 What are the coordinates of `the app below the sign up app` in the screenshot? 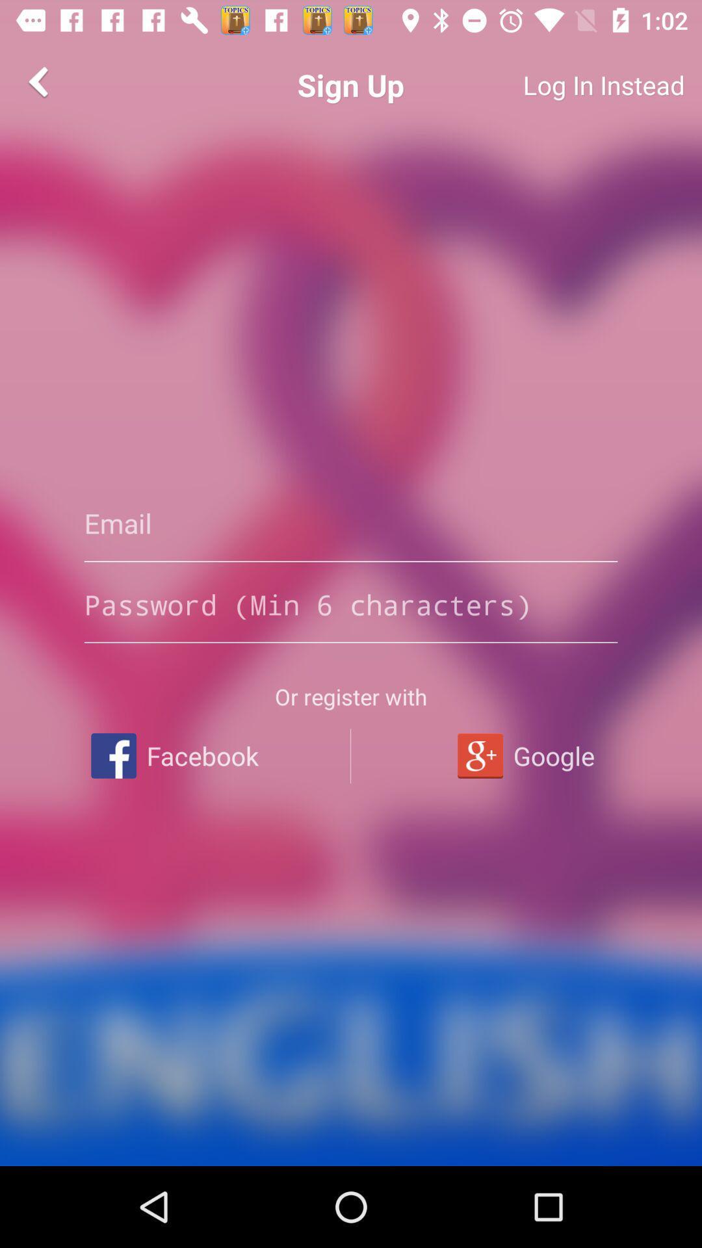 It's located at (351, 523).